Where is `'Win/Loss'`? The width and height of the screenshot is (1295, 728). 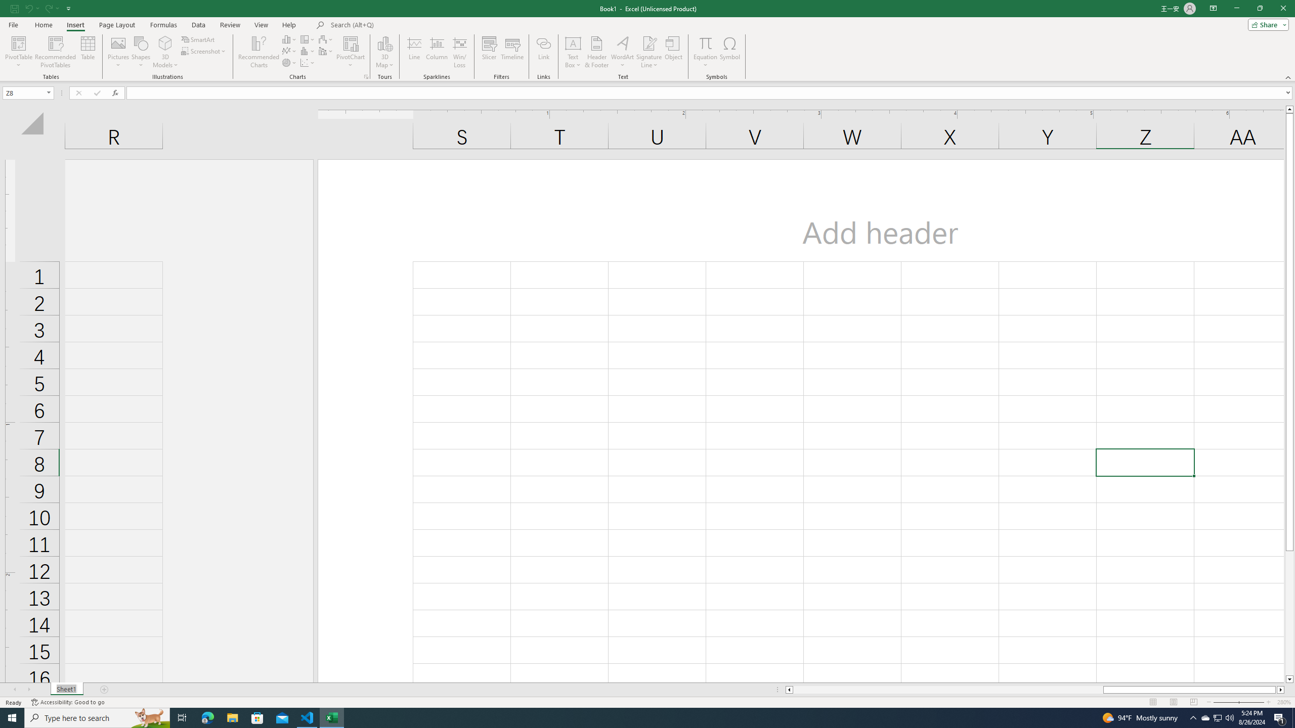 'Win/Loss' is located at coordinates (459, 52).